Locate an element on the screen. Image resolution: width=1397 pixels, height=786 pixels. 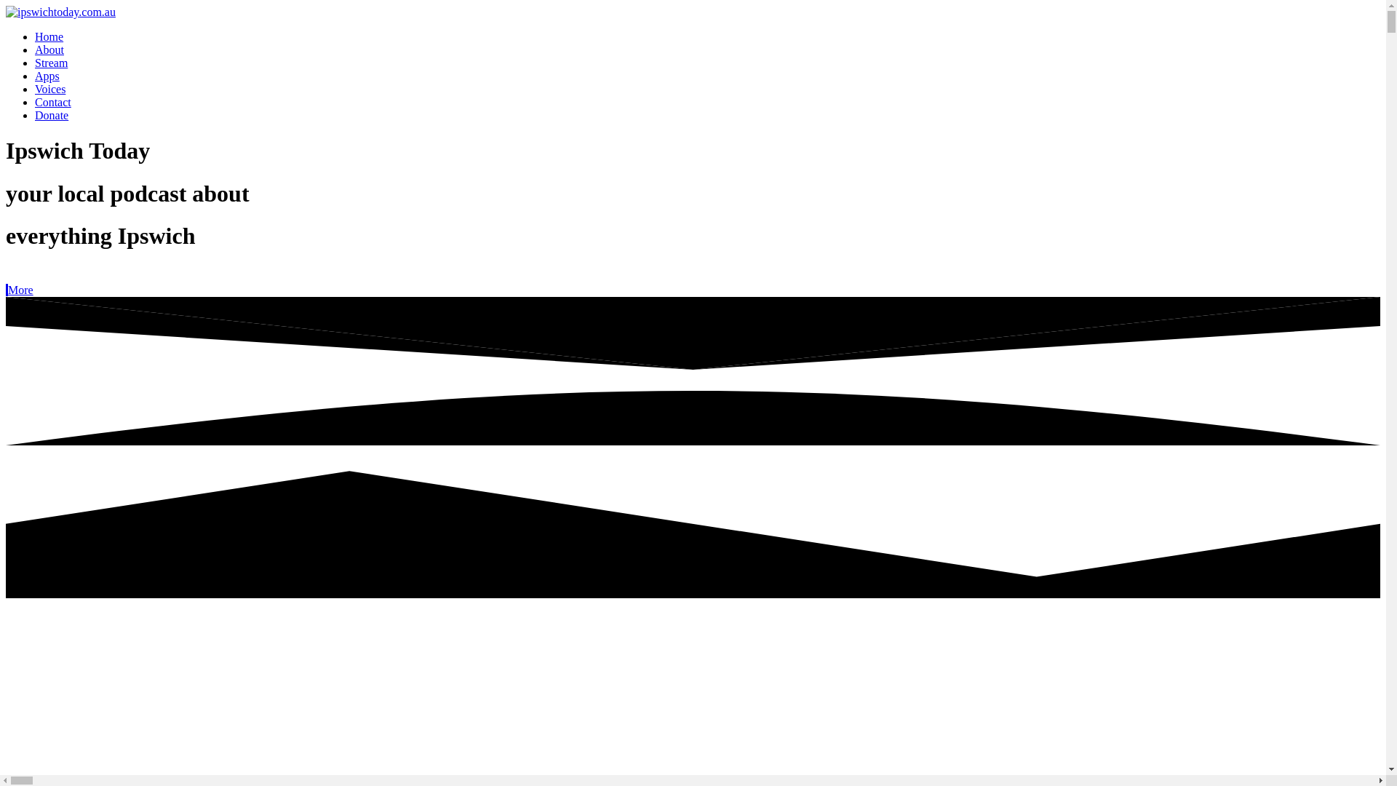
'Contact' is located at coordinates (52, 101).